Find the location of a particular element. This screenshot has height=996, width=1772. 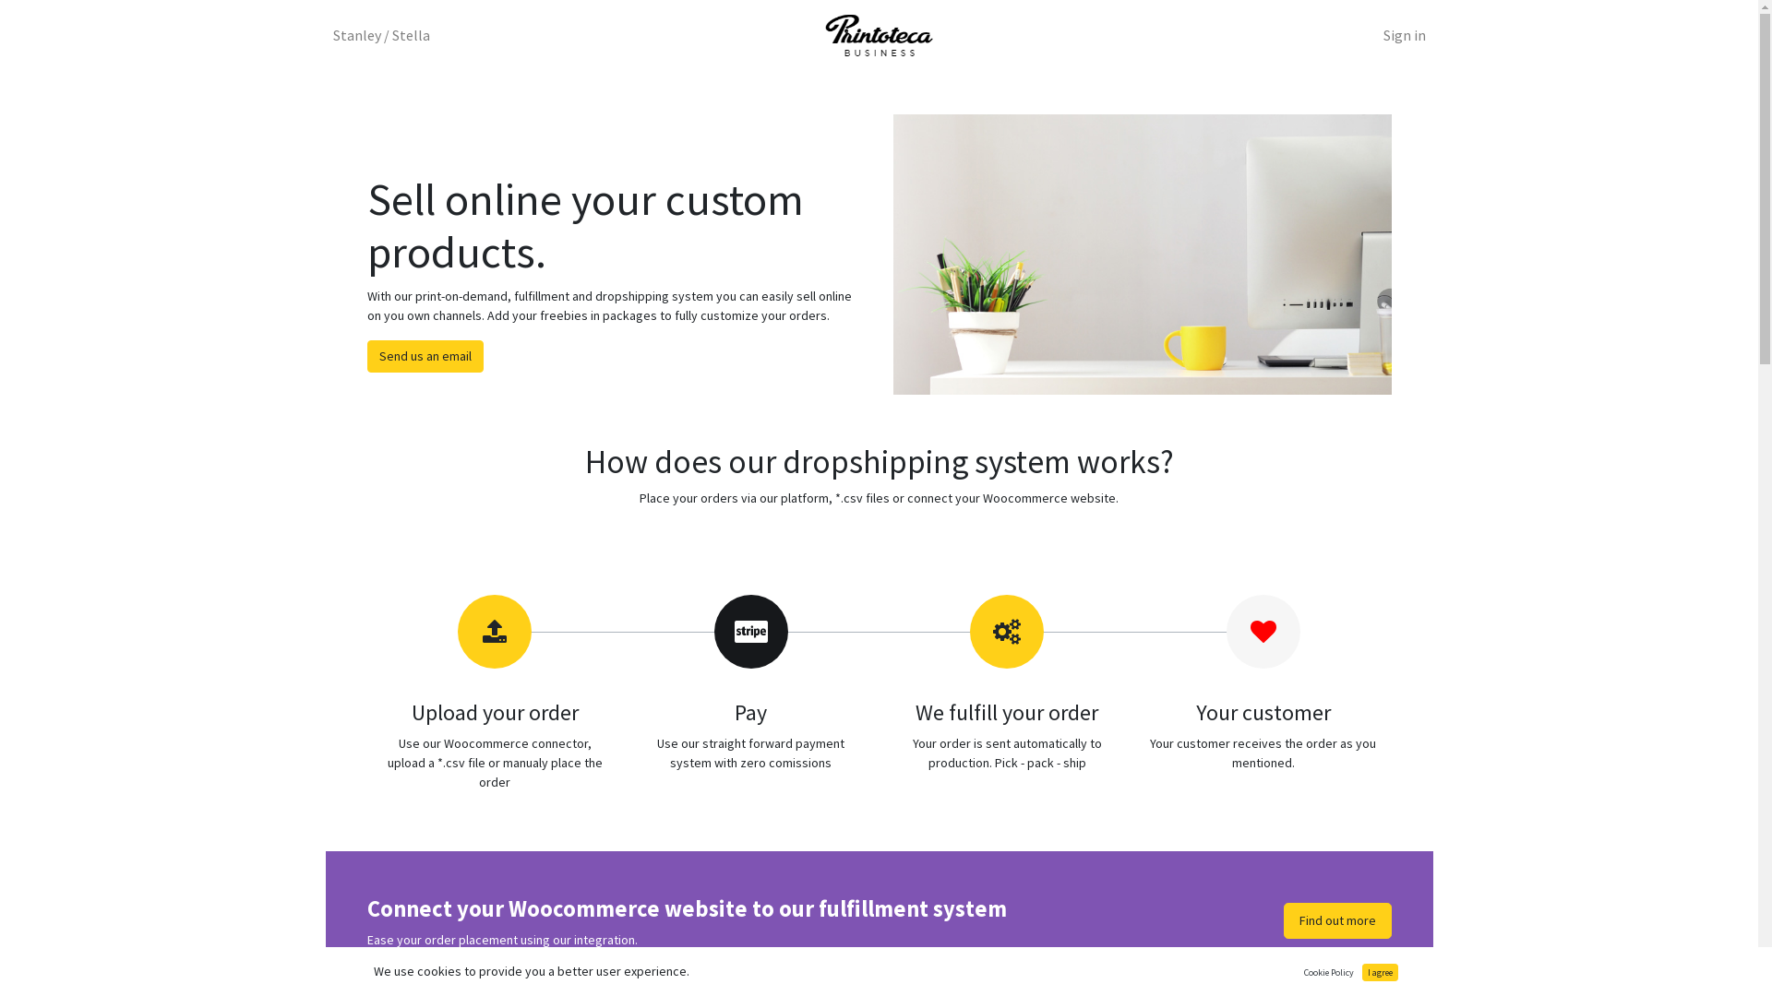

'Printoteca Business' is located at coordinates (878, 35).